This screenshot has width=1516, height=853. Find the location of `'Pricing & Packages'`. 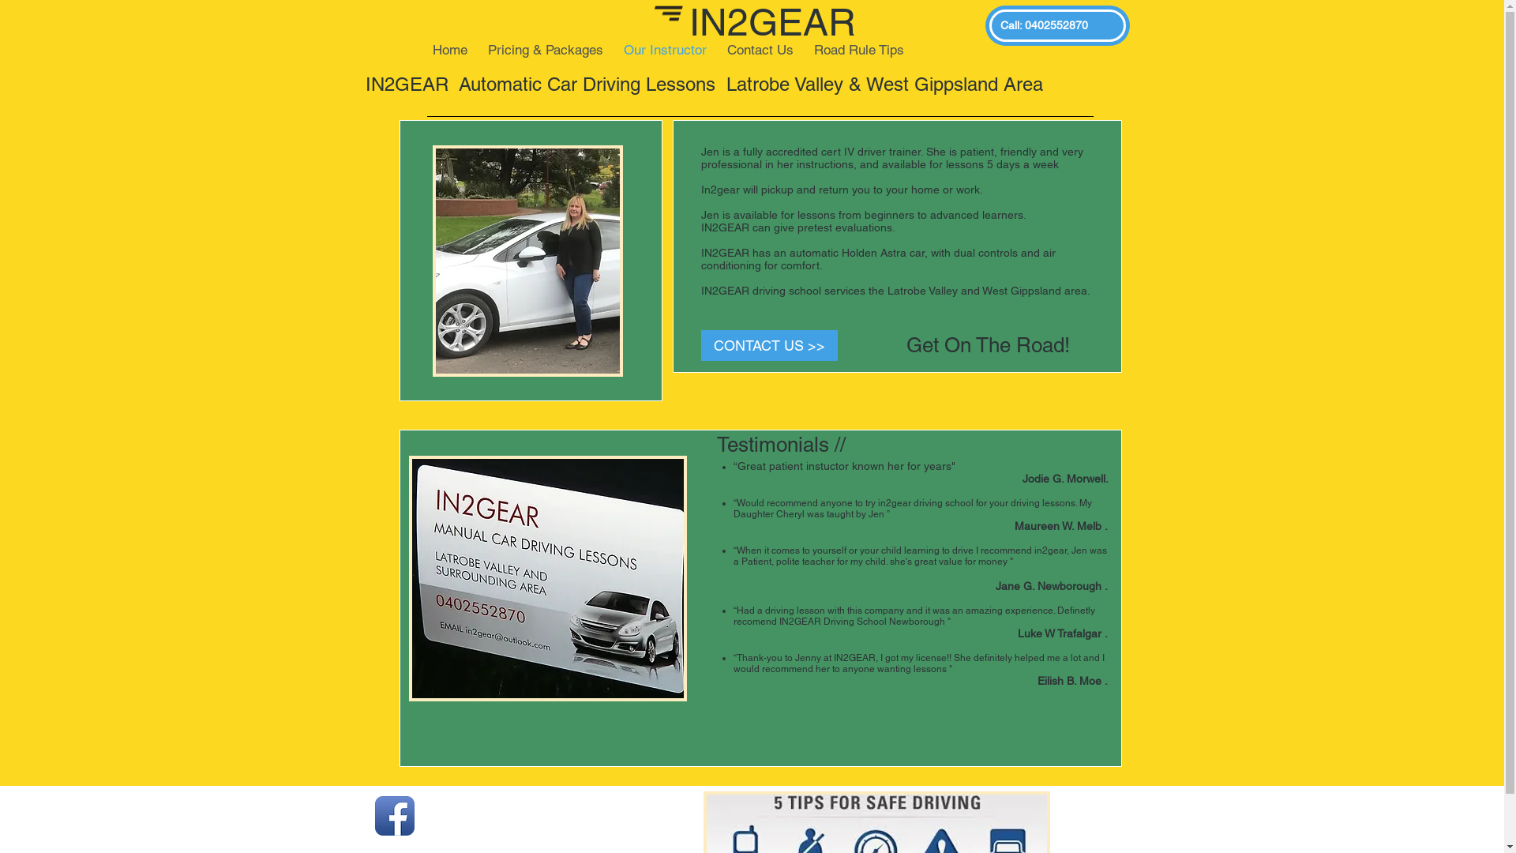

'Pricing & Packages' is located at coordinates (545, 47).